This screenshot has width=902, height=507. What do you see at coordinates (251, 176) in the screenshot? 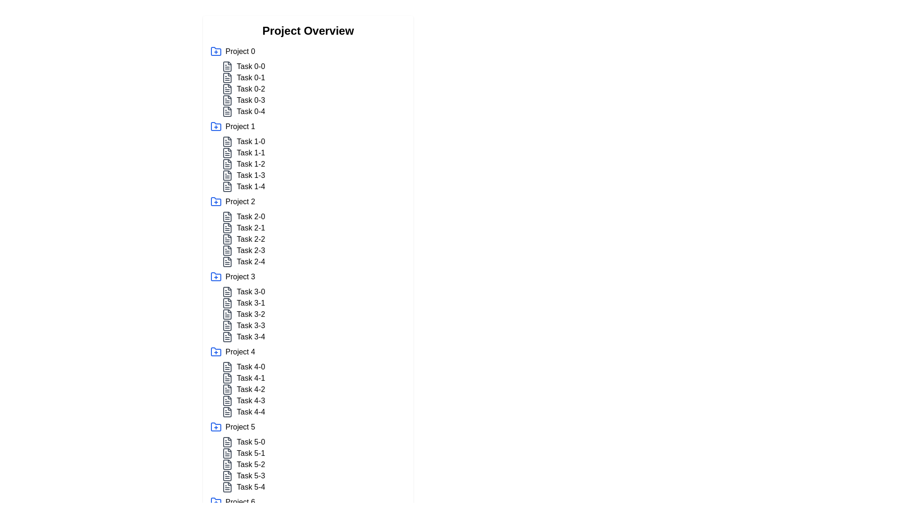
I see `the 'Task 1-3' text label` at bounding box center [251, 176].